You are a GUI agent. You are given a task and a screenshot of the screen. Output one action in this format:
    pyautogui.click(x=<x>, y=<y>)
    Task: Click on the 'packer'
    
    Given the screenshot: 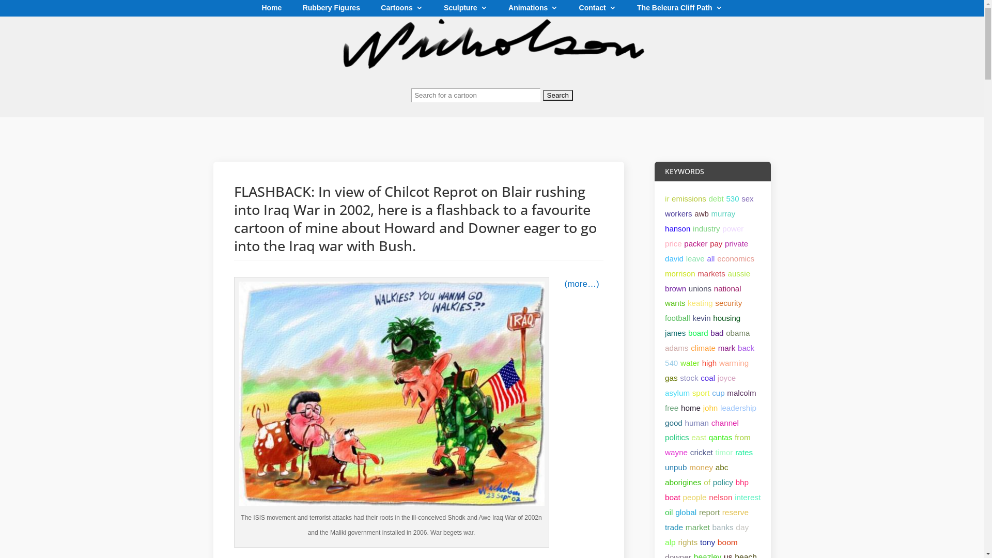 What is the action you would take?
    pyautogui.click(x=695, y=243)
    